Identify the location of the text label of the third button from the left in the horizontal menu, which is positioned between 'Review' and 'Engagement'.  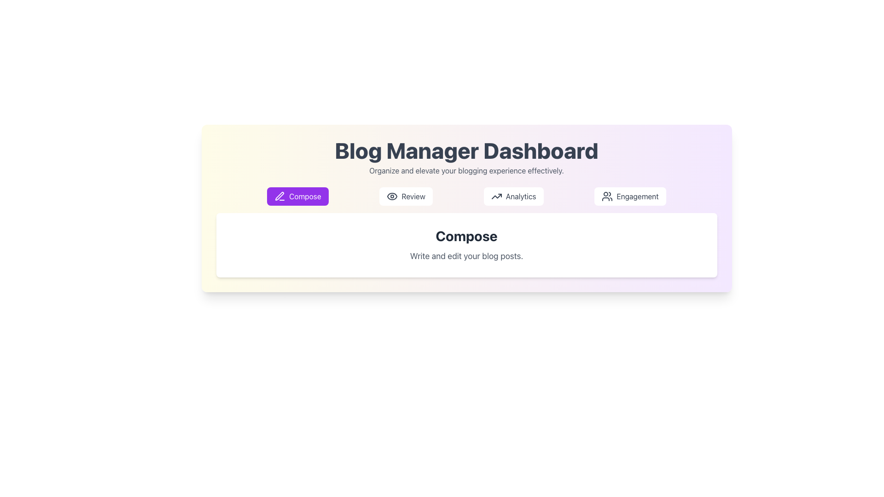
(521, 196).